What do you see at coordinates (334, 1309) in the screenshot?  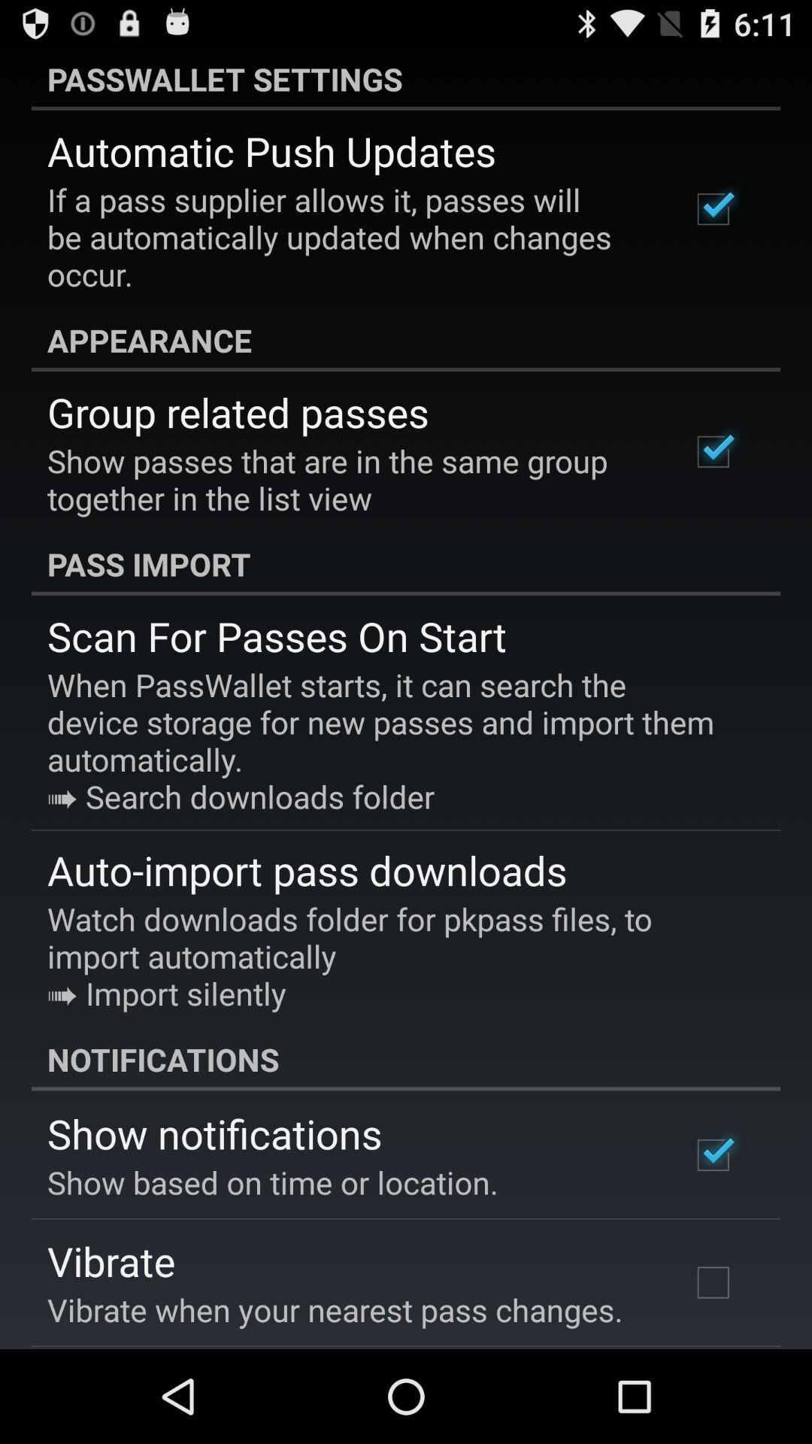 I see `icon below the vibrate app` at bounding box center [334, 1309].